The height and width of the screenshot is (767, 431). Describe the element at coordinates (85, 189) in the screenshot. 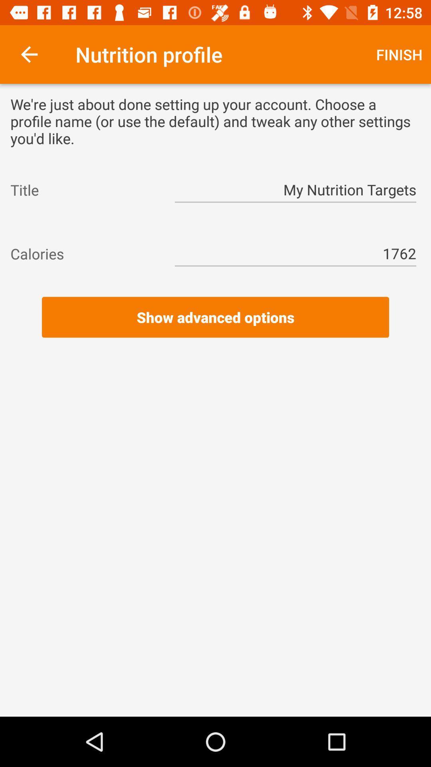

I see `the icon below the we re just icon` at that location.